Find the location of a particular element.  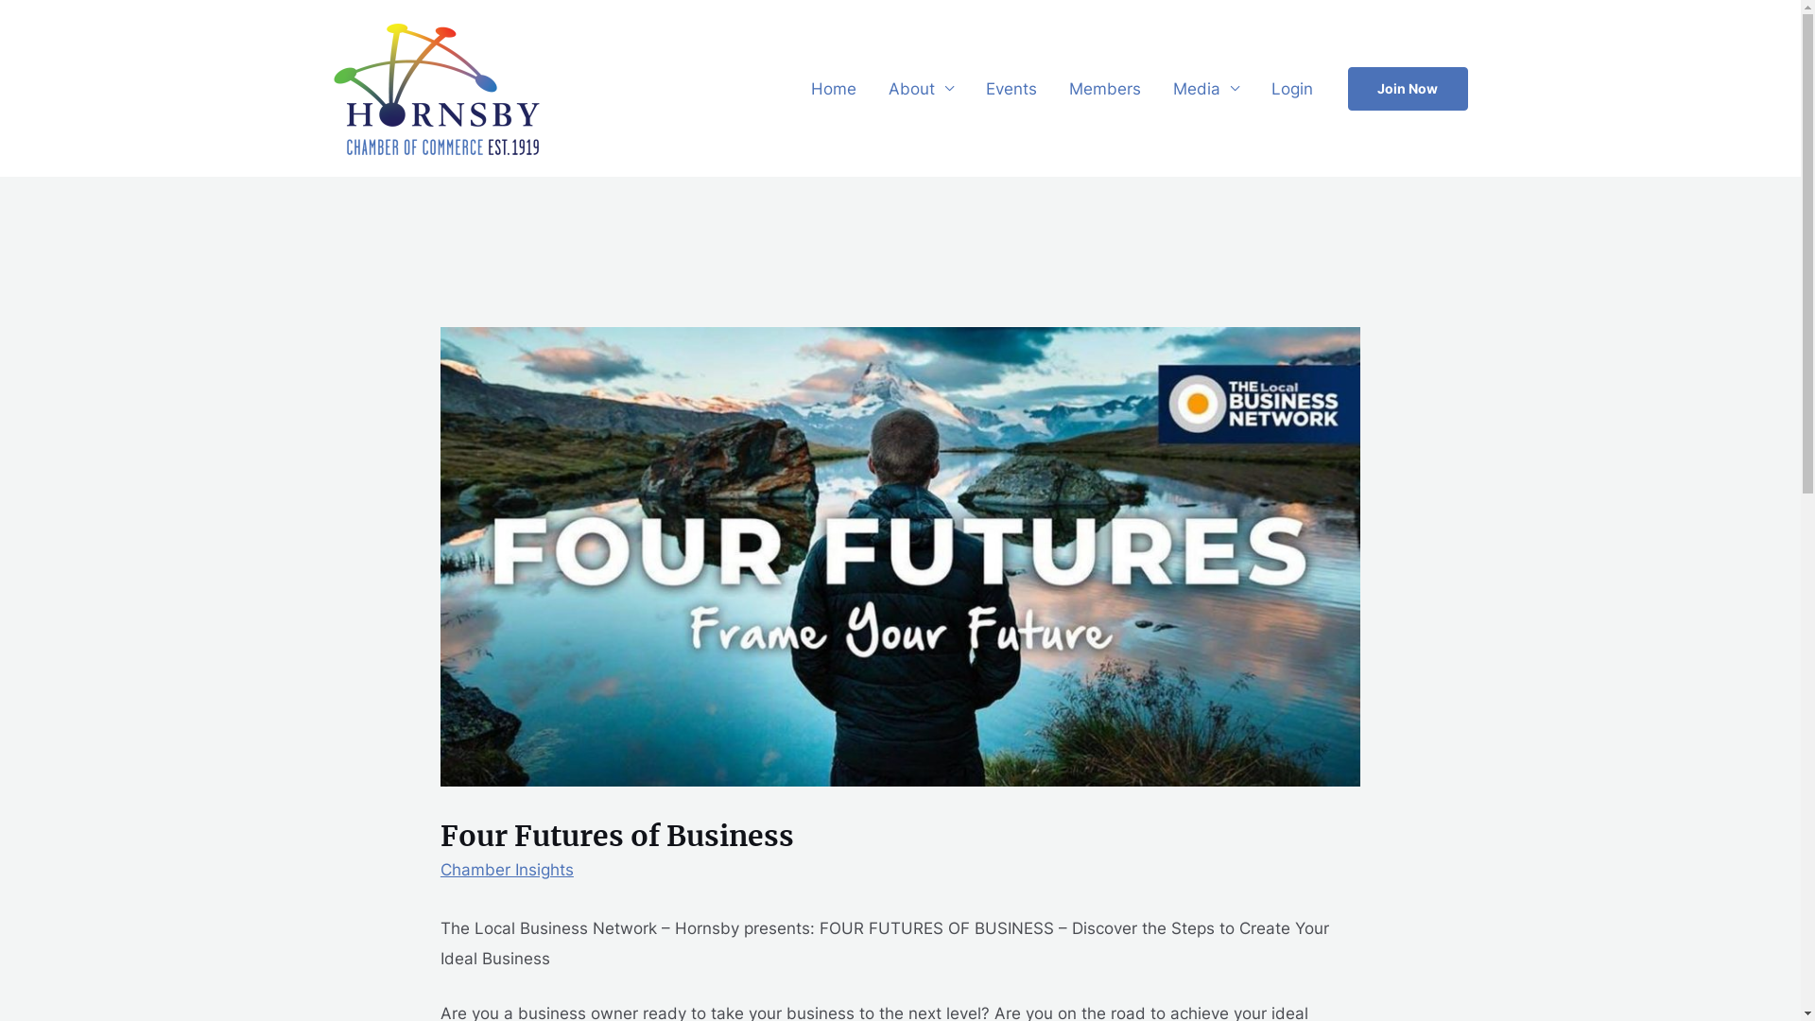

'Chamber Insights' is located at coordinates (507, 870).